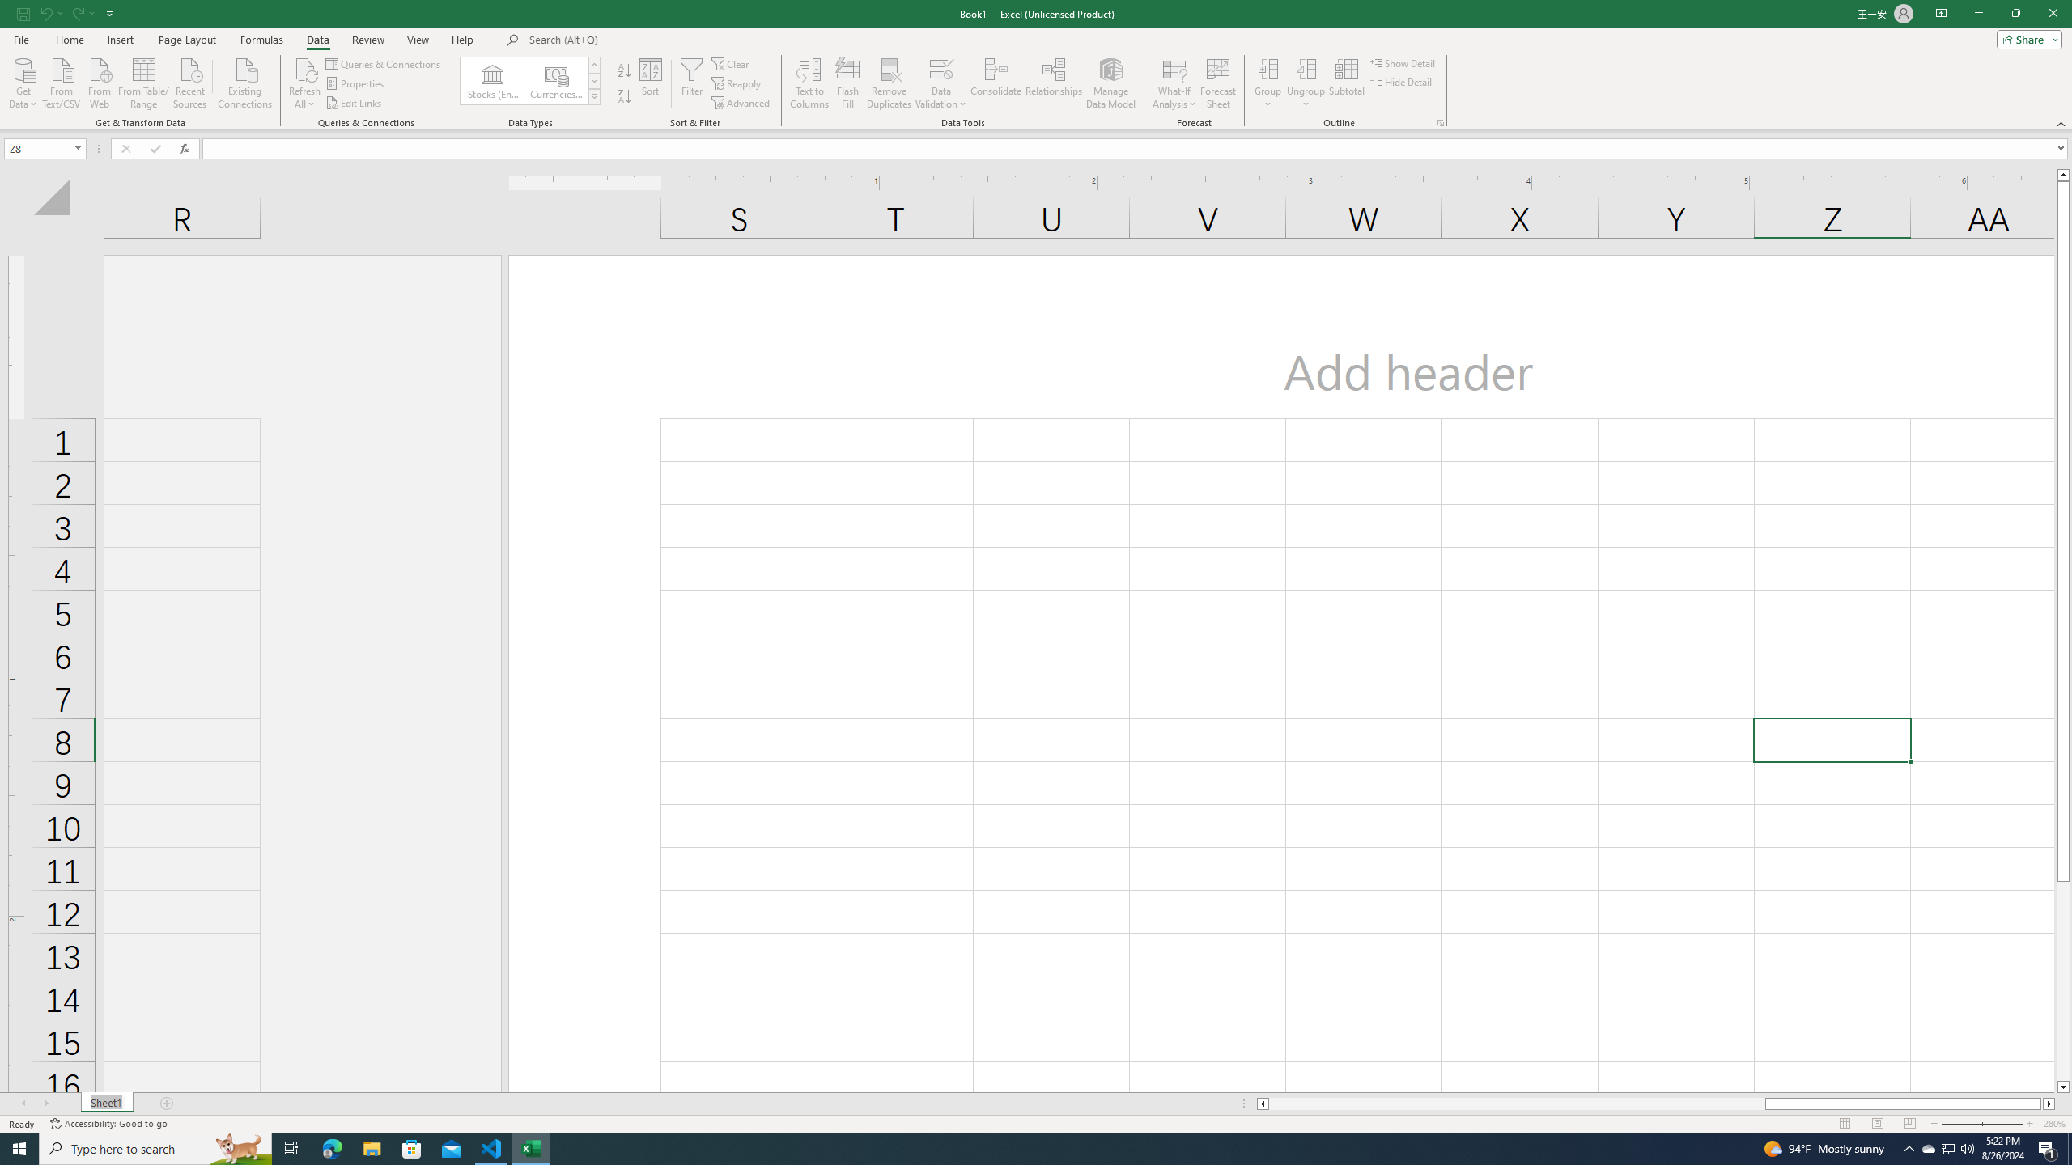 The width and height of the screenshot is (2072, 1165). I want to click on 'Reapply', so click(737, 83).